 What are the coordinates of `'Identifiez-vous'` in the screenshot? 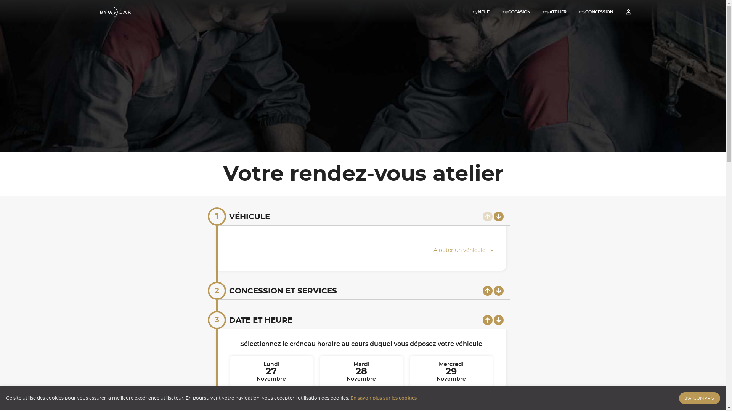 It's located at (628, 12).